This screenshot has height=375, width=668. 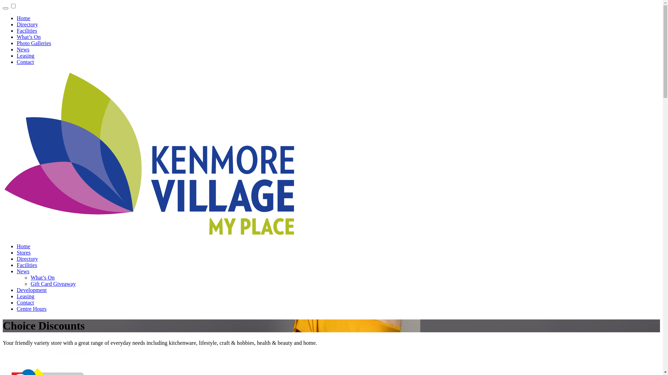 I want to click on 'Stores', so click(x=17, y=252).